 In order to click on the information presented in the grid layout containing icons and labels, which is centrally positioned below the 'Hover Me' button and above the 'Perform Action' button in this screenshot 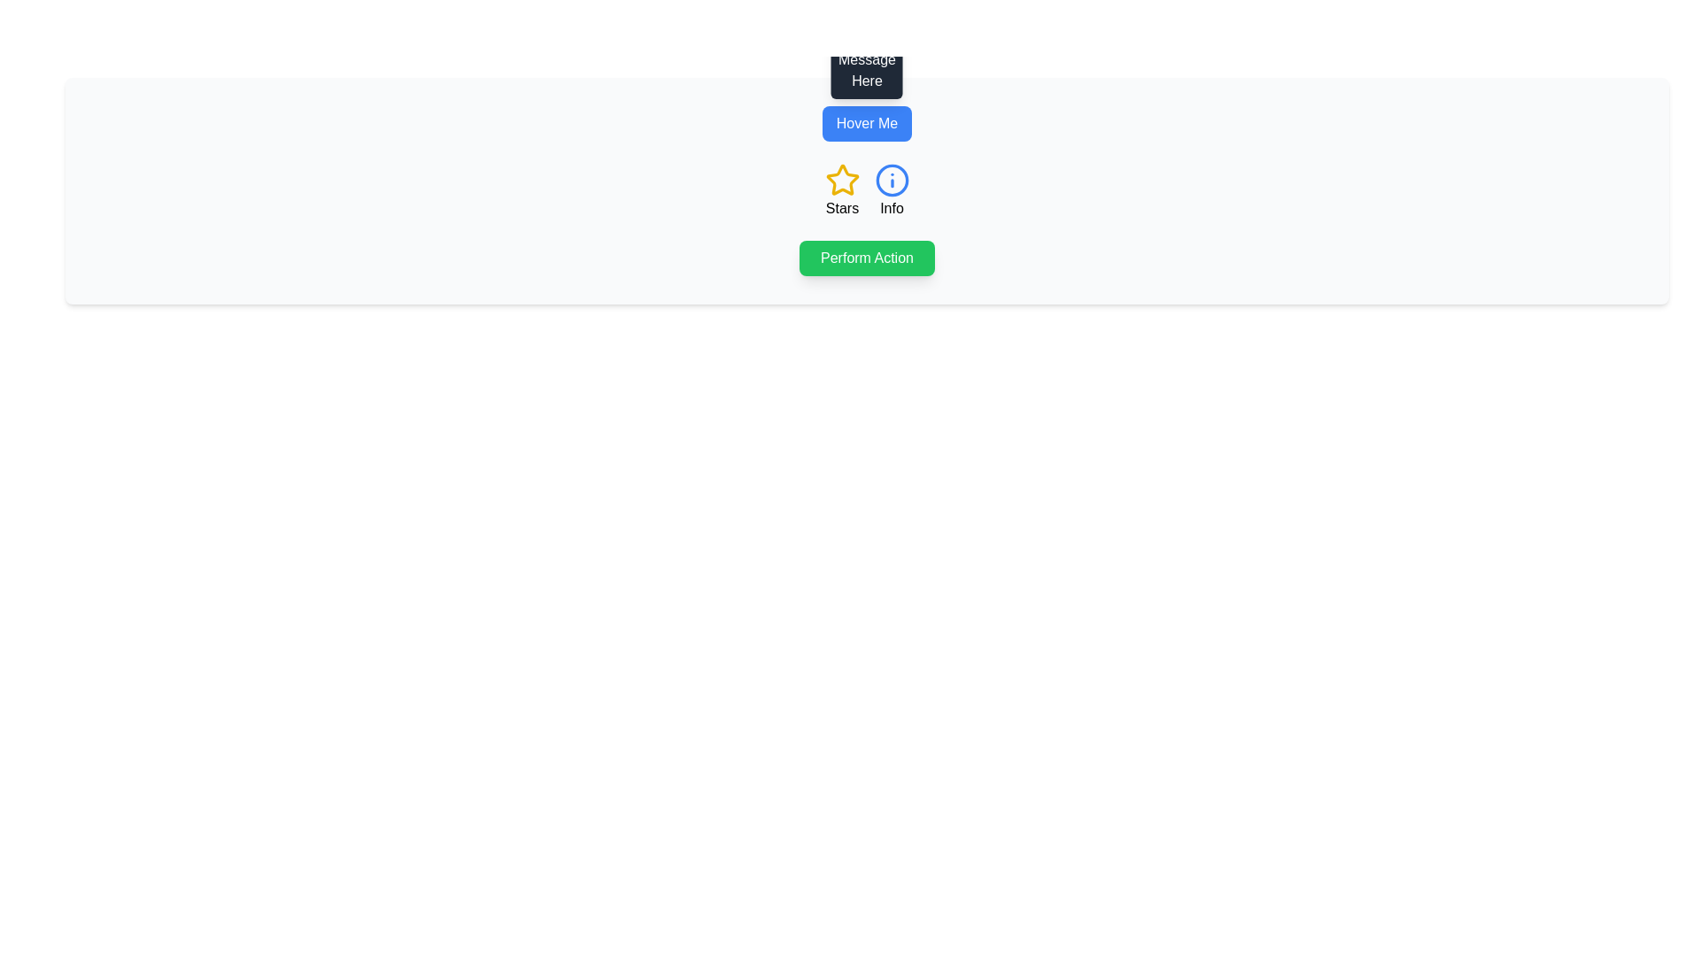, I will do `click(867, 191)`.